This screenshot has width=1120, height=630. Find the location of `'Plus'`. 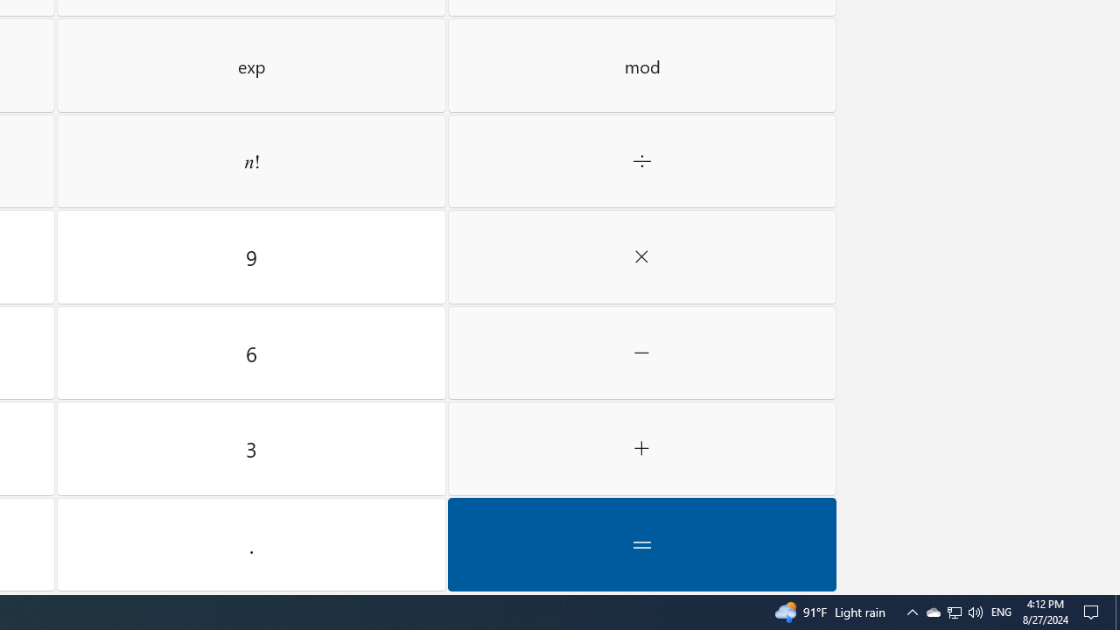

'Plus' is located at coordinates (641, 448).